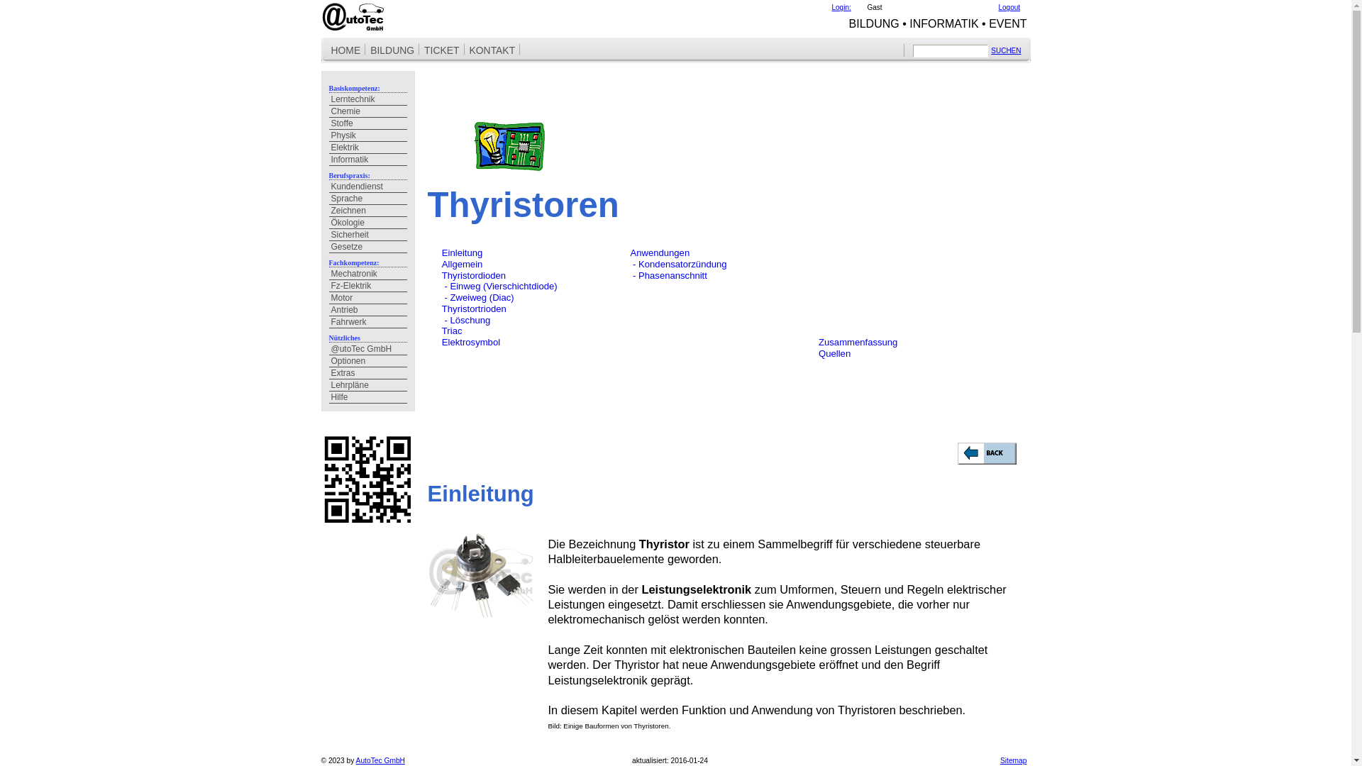 Image resolution: width=1362 pixels, height=766 pixels. I want to click on 'Antrieb', so click(367, 309).